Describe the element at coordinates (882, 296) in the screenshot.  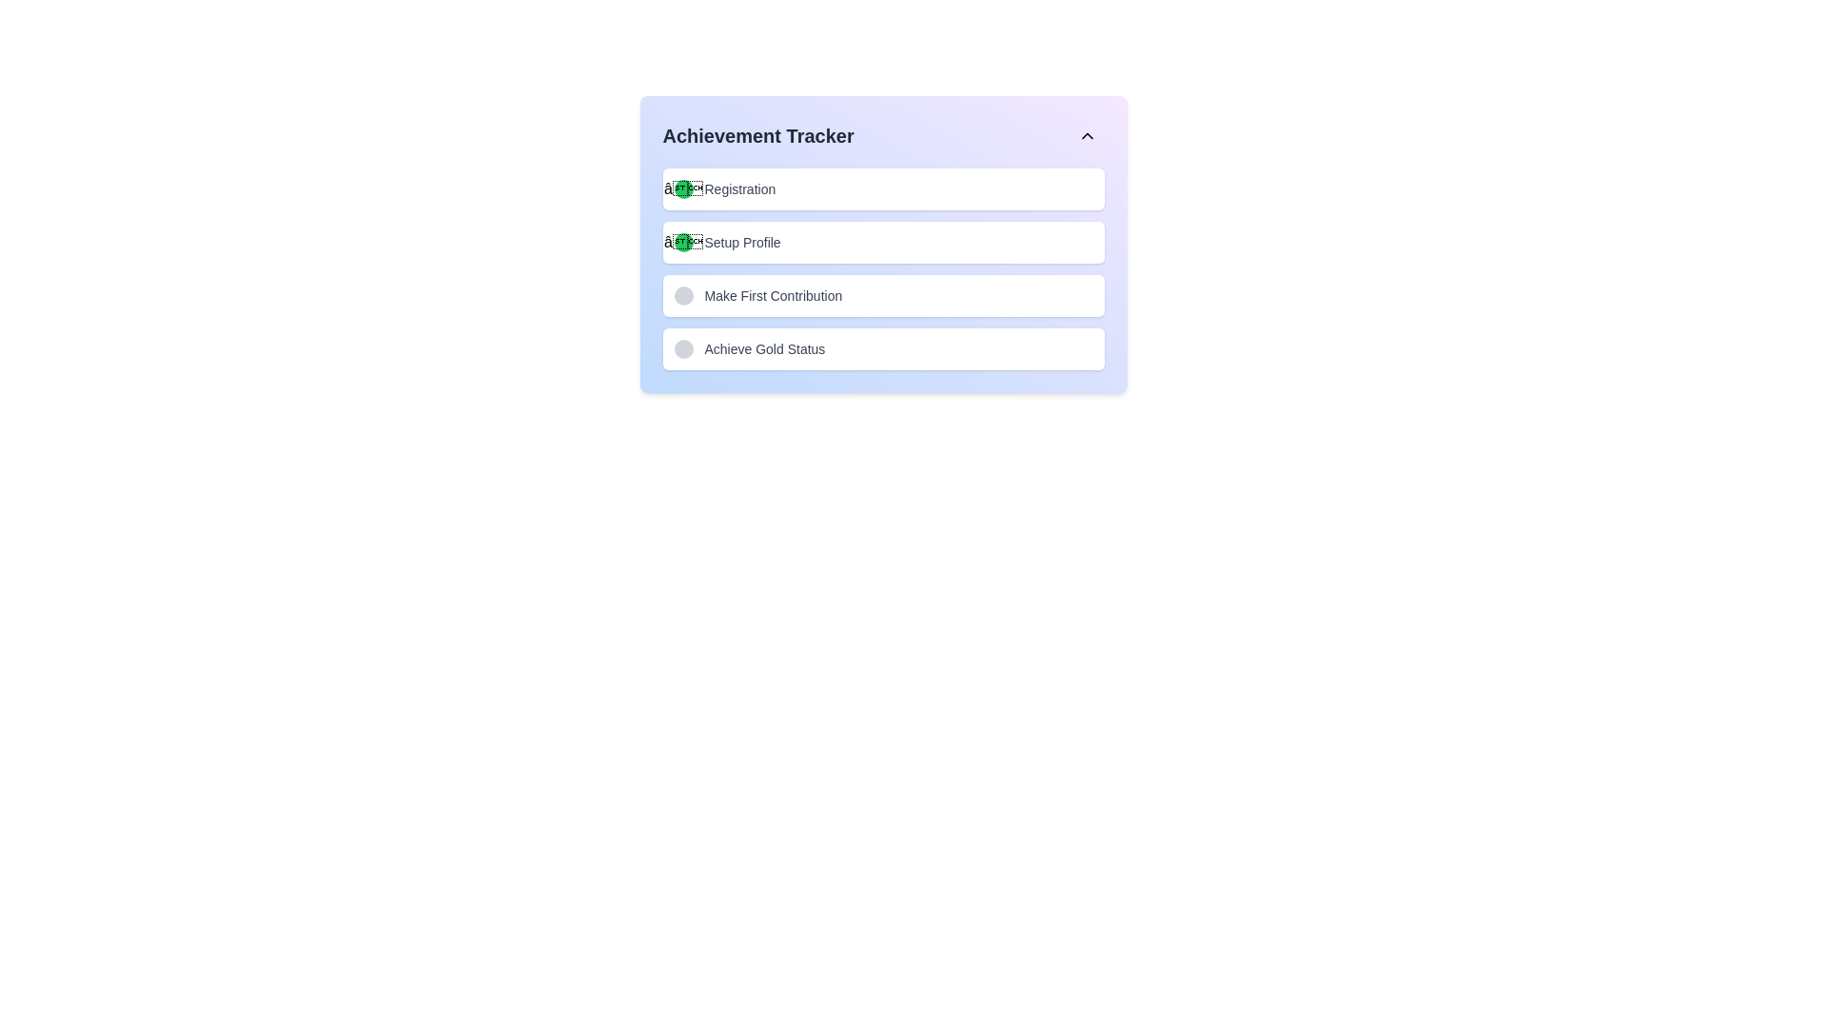
I see `the Milestone display box indicating the 'Make First Contribution' achievement status in the 'Achievement Tracker', which is the third item in the vertical stack` at that location.